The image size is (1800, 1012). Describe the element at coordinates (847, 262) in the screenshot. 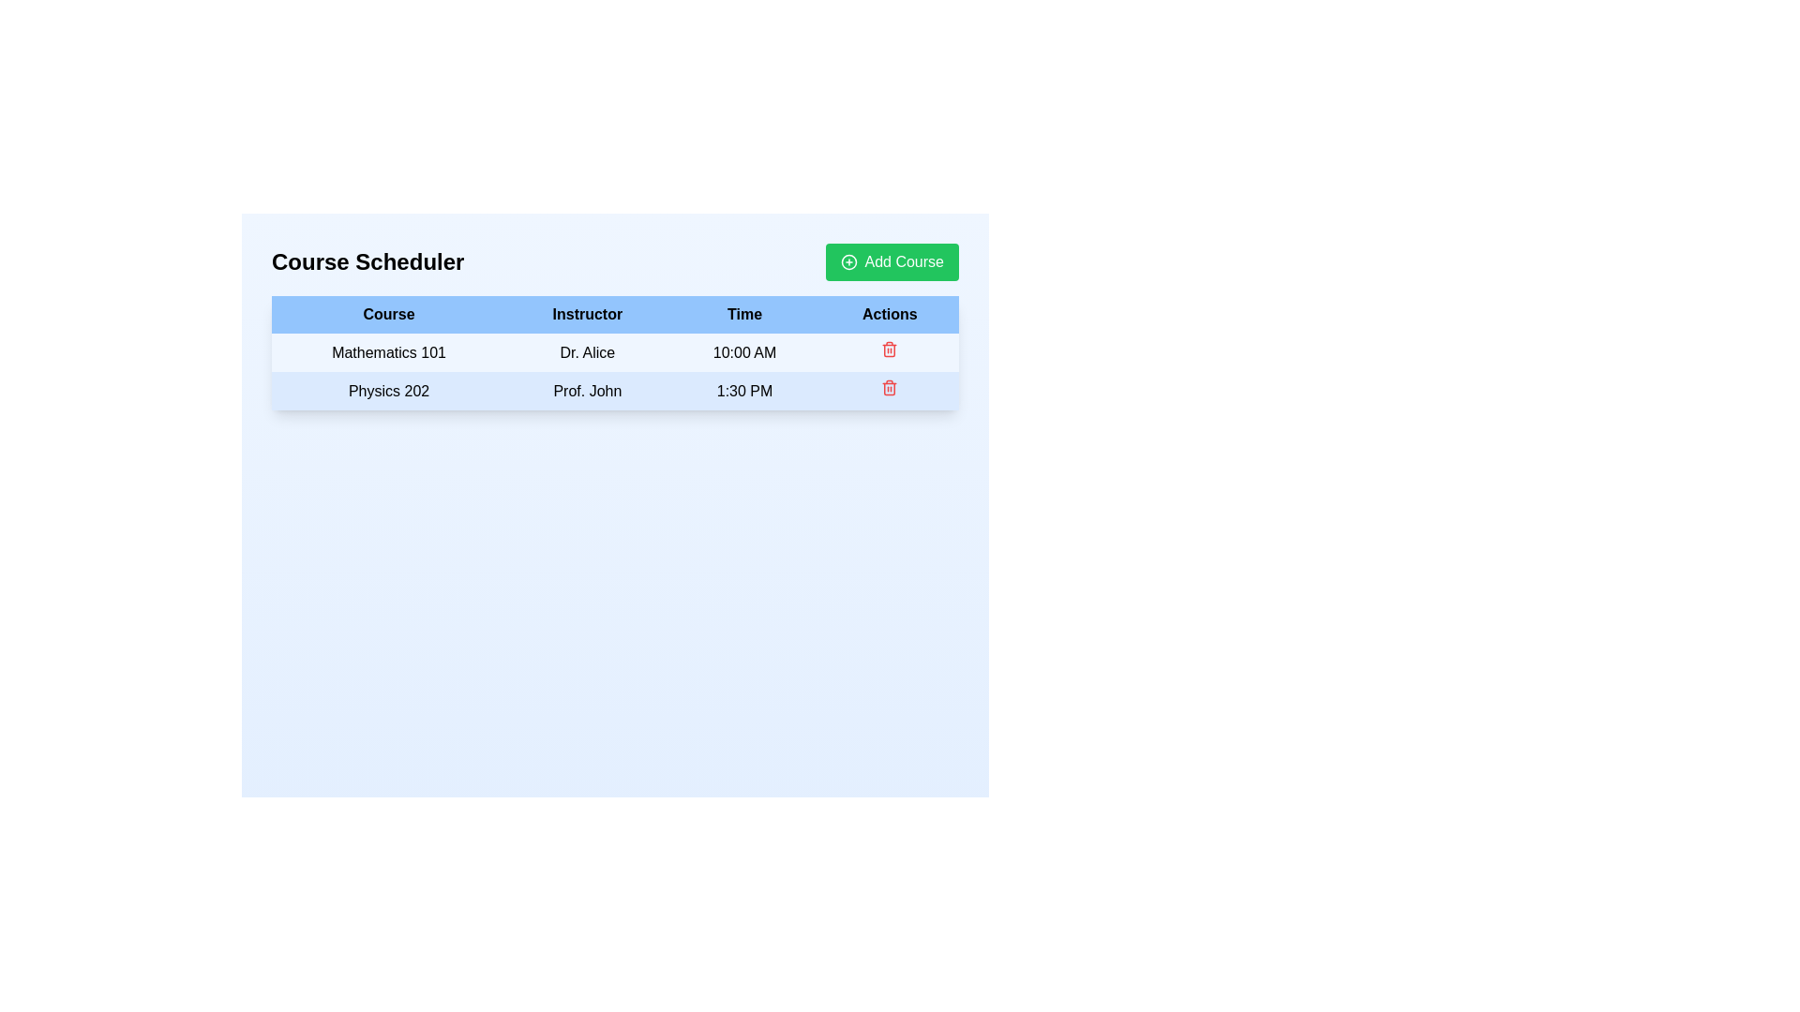

I see `the icon located to the immediate left of the 'Add Course' text button, which has a green background and white text` at that location.